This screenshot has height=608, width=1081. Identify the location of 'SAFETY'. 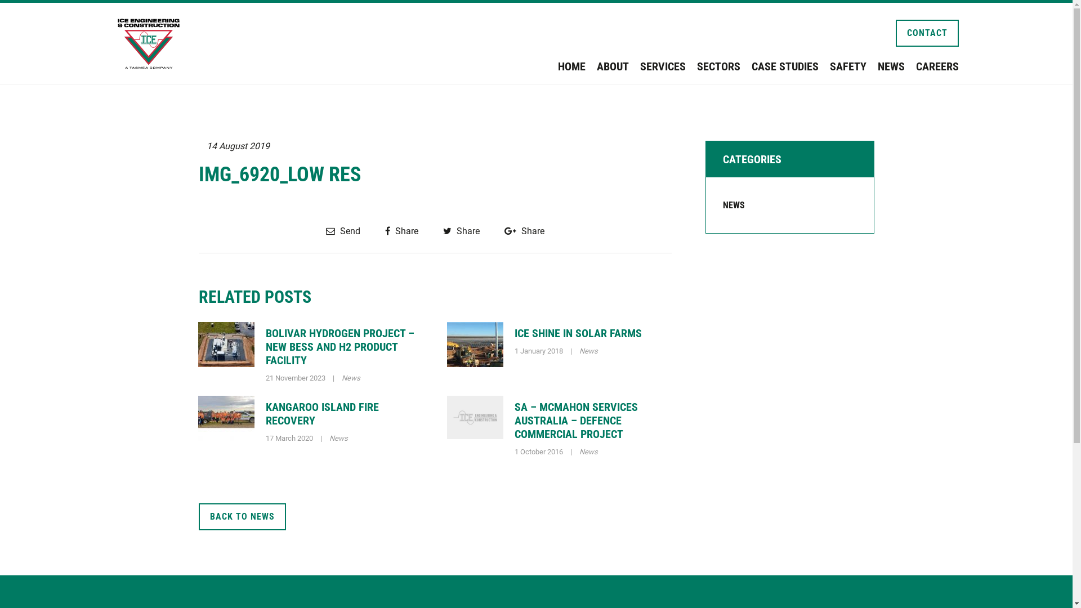
(829, 66).